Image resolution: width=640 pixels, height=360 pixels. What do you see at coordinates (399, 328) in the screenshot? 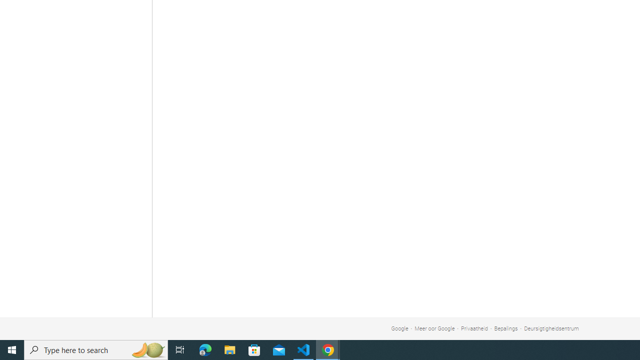
I see `'Google'` at bounding box center [399, 328].